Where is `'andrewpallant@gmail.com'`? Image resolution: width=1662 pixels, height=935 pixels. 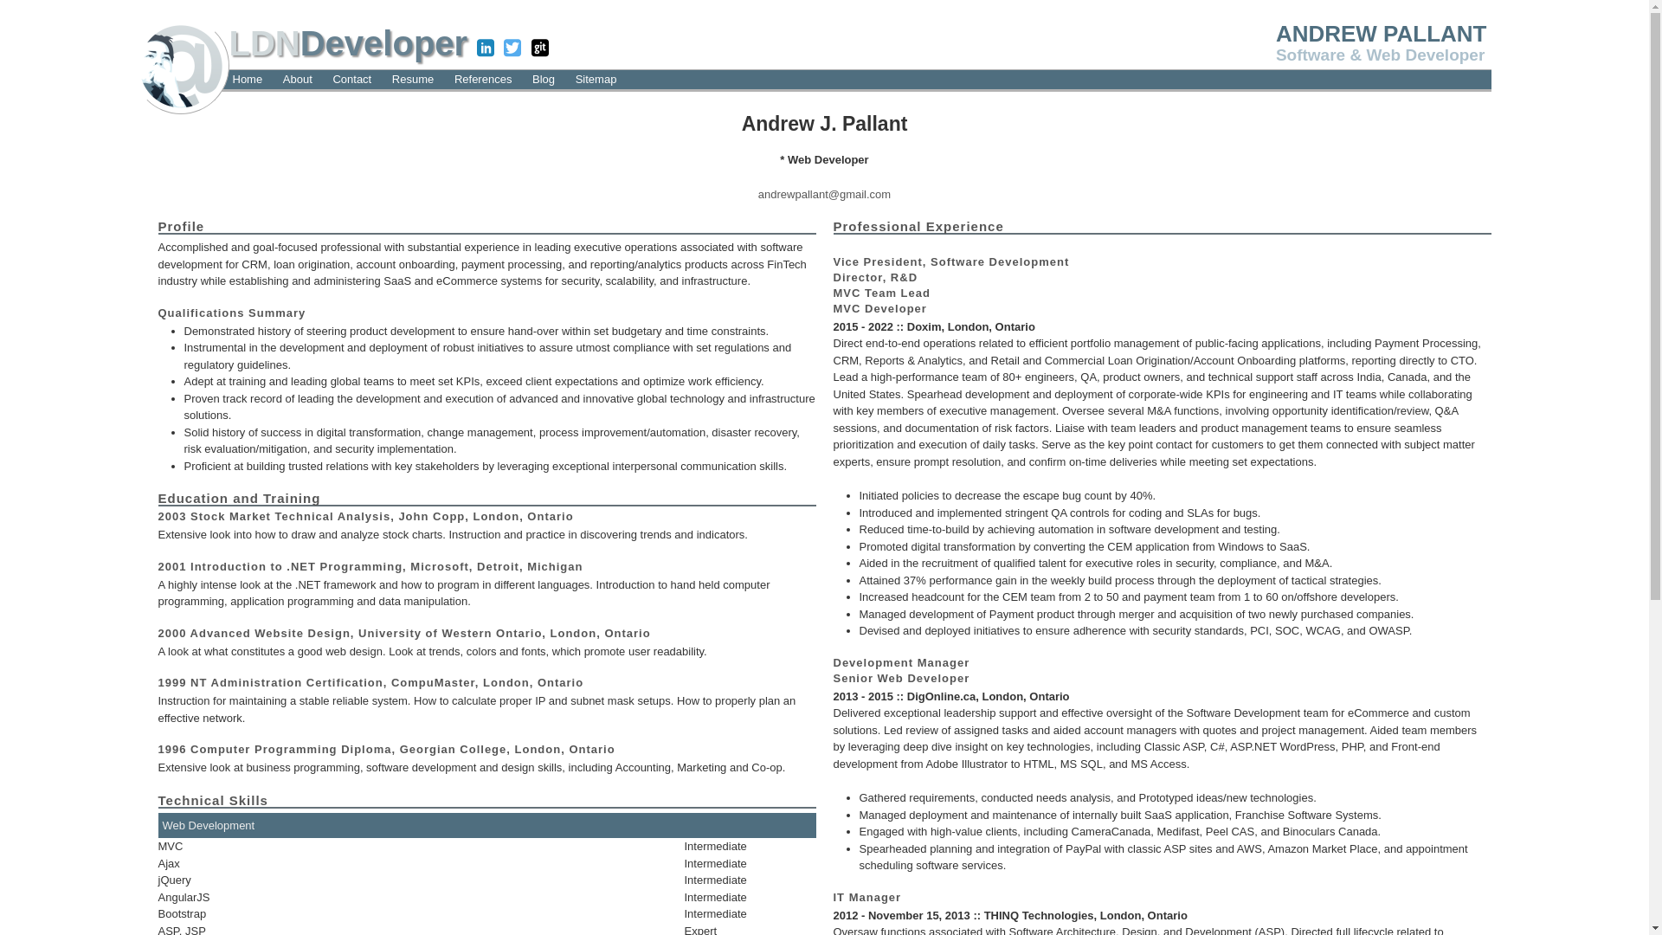 'andrewpallant@gmail.com' is located at coordinates (823, 193).